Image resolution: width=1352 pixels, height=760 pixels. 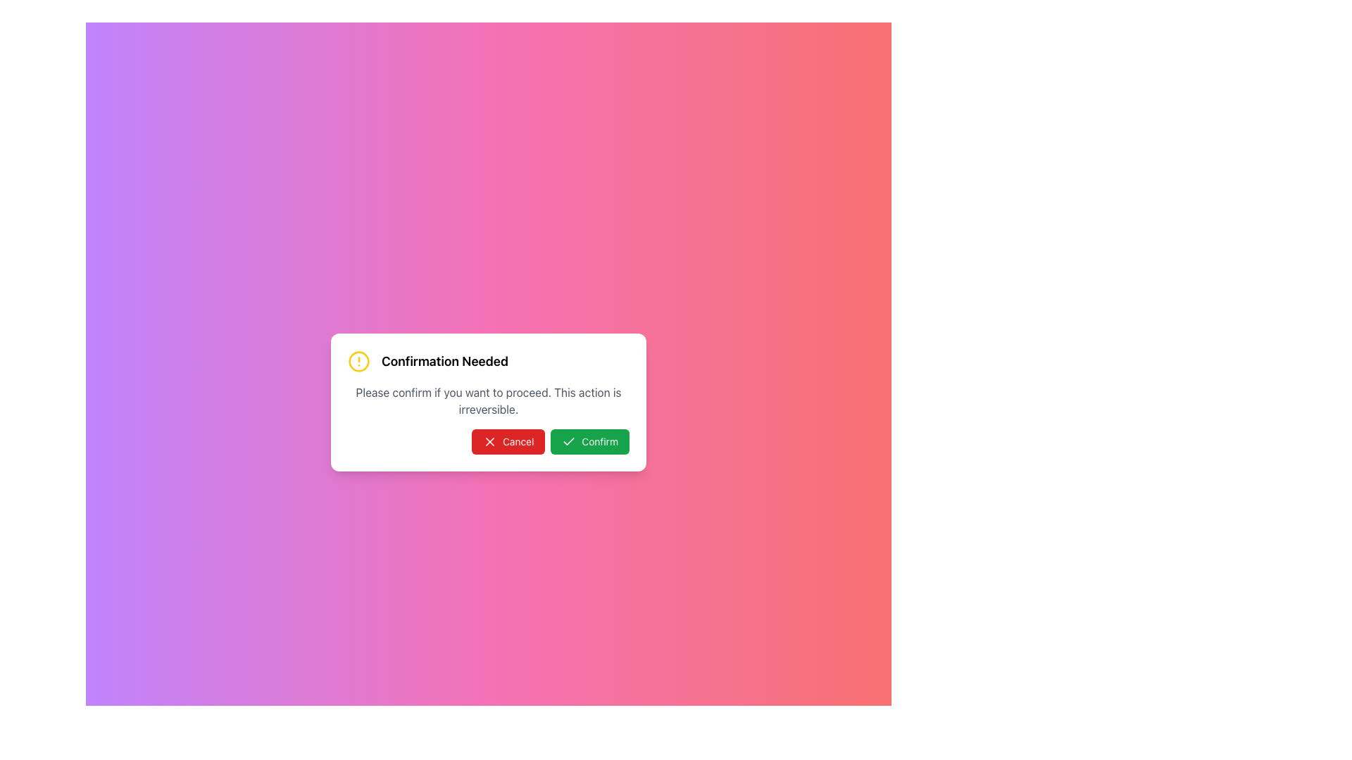 What do you see at coordinates (489, 401) in the screenshot?
I see `the warning or confirmation prompt text label located in the middle portion of the 'Confirmation Needed' dialog box, which is styled in gray and positioned below the main heading` at bounding box center [489, 401].